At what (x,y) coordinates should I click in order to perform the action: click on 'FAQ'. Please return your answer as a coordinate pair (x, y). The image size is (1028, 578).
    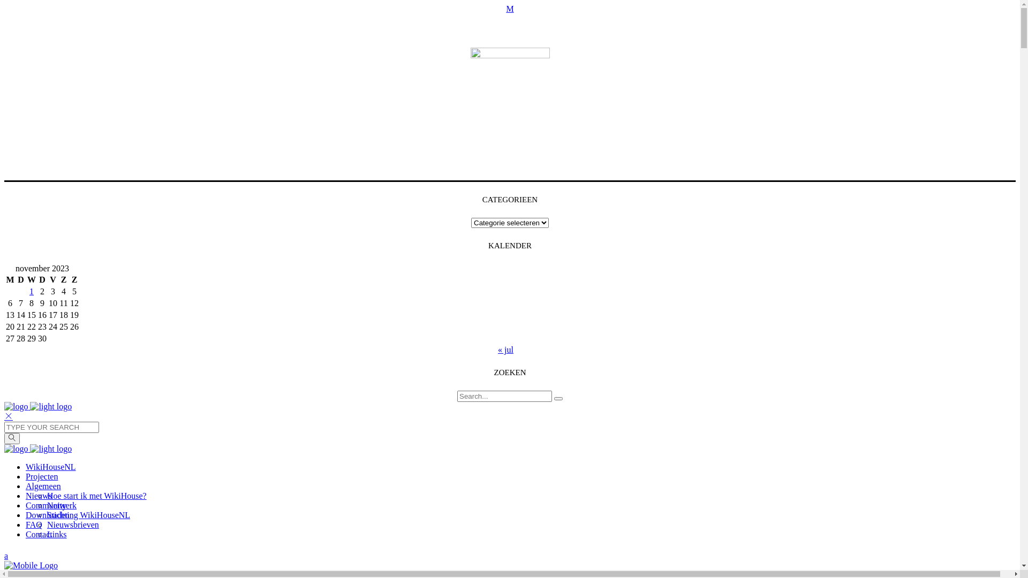
    Looking at the image, I should click on (34, 524).